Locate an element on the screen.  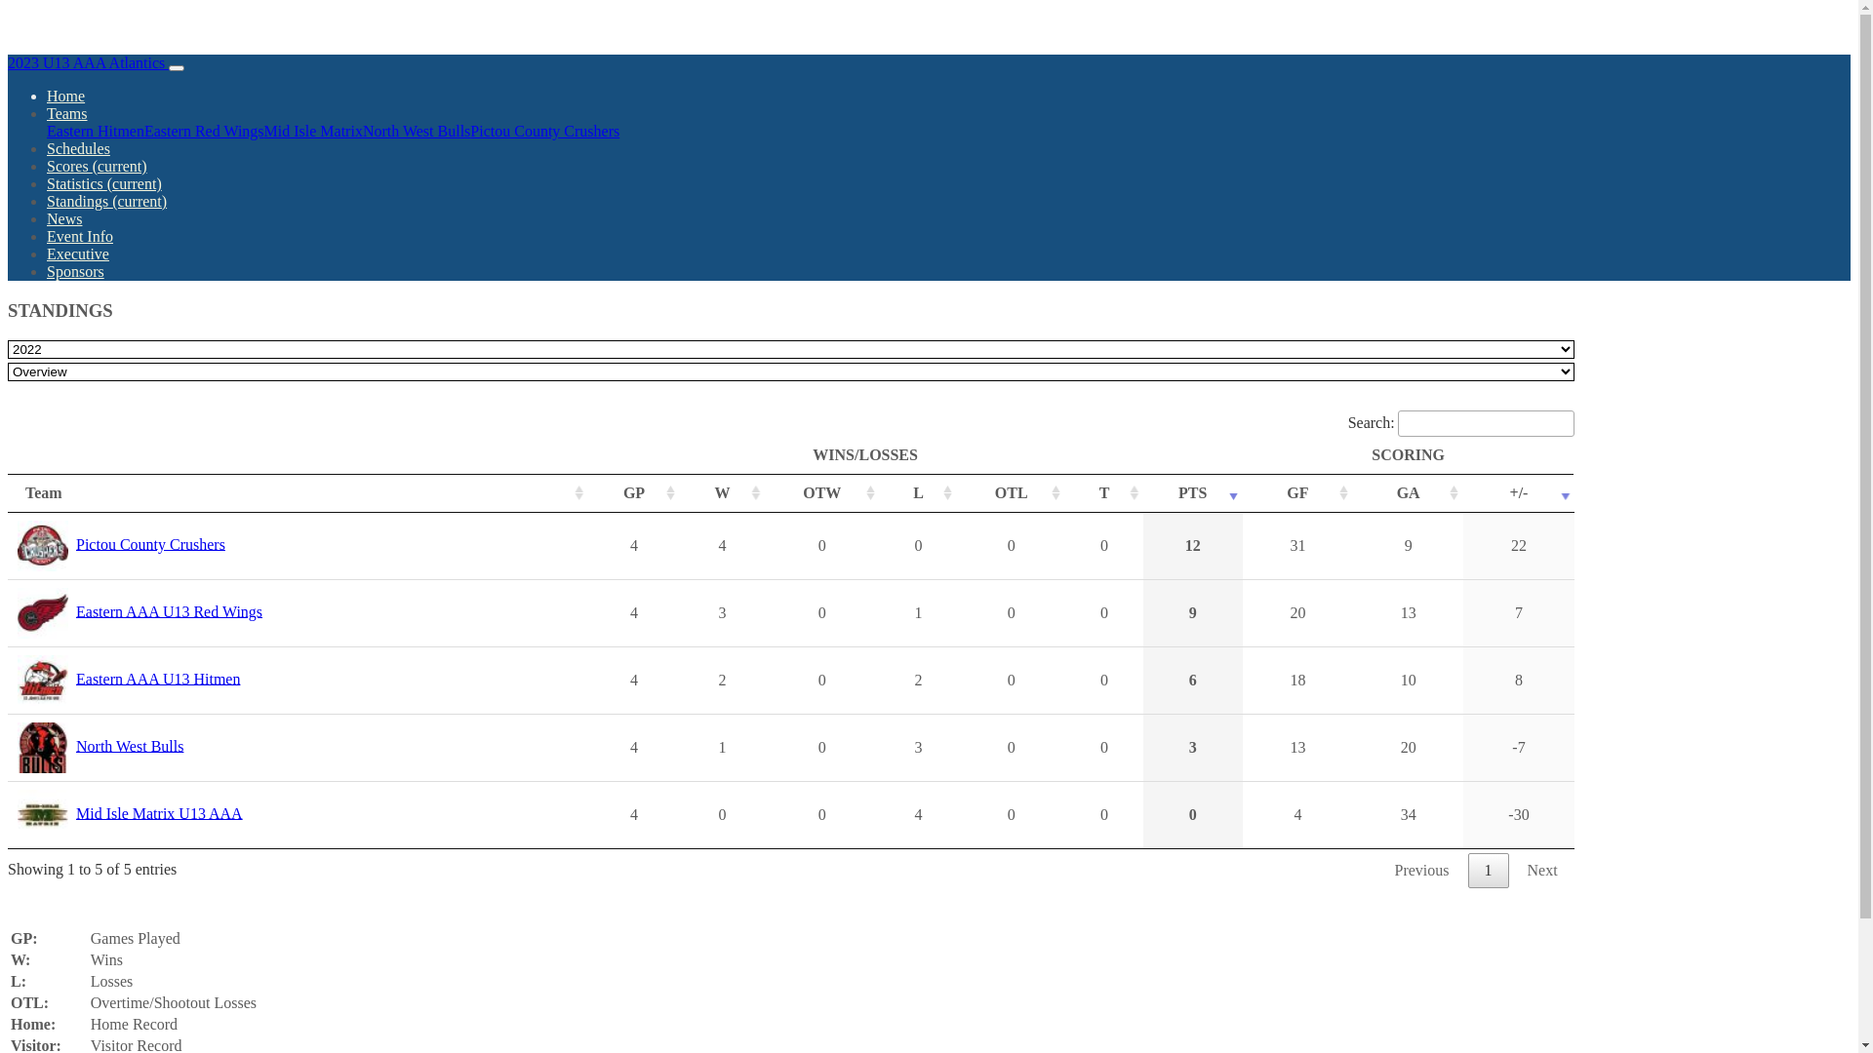
'Standings (current)' is located at coordinates (105, 201).